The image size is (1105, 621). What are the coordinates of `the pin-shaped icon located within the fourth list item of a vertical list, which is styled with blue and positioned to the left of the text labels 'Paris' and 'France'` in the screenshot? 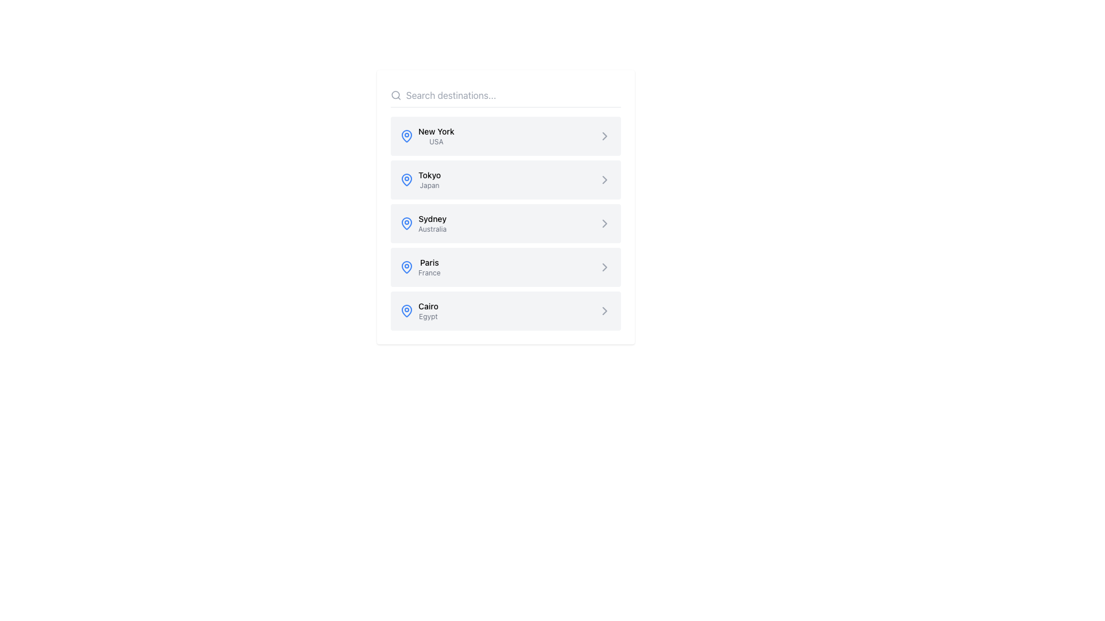 It's located at (406, 266).